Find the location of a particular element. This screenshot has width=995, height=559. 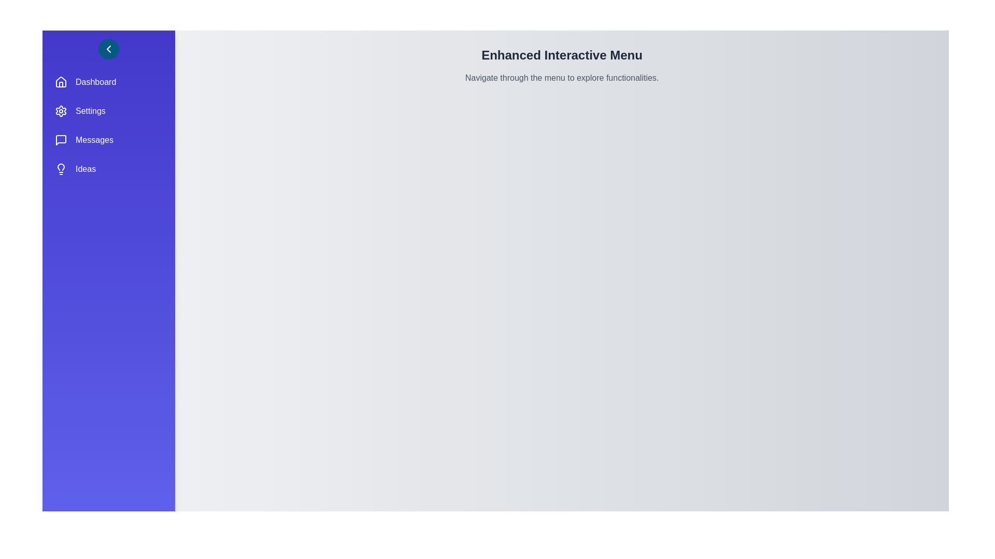

the menu item Ideas to select it is located at coordinates (109, 169).